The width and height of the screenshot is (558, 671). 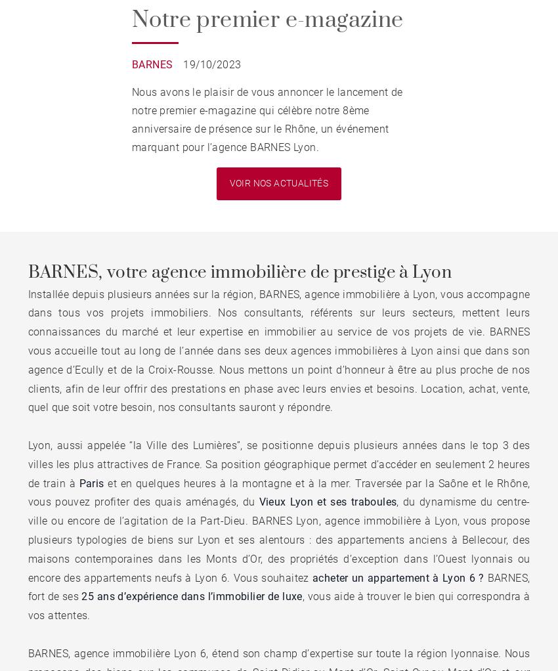 What do you see at coordinates (91, 482) in the screenshot?
I see `'Paris'` at bounding box center [91, 482].